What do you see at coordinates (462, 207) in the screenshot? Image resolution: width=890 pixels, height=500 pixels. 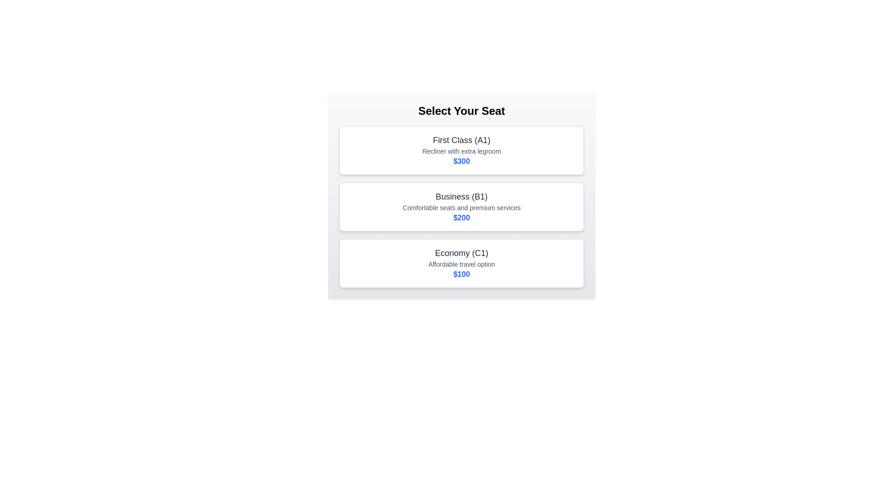 I see `the text label reading 'Comfortable seats and premium services' which is located below the title 'Business (B1)' and above the price '$200', positioned centrally in the middle option of the three seat class selection boxes` at bounding box center [462, 207].